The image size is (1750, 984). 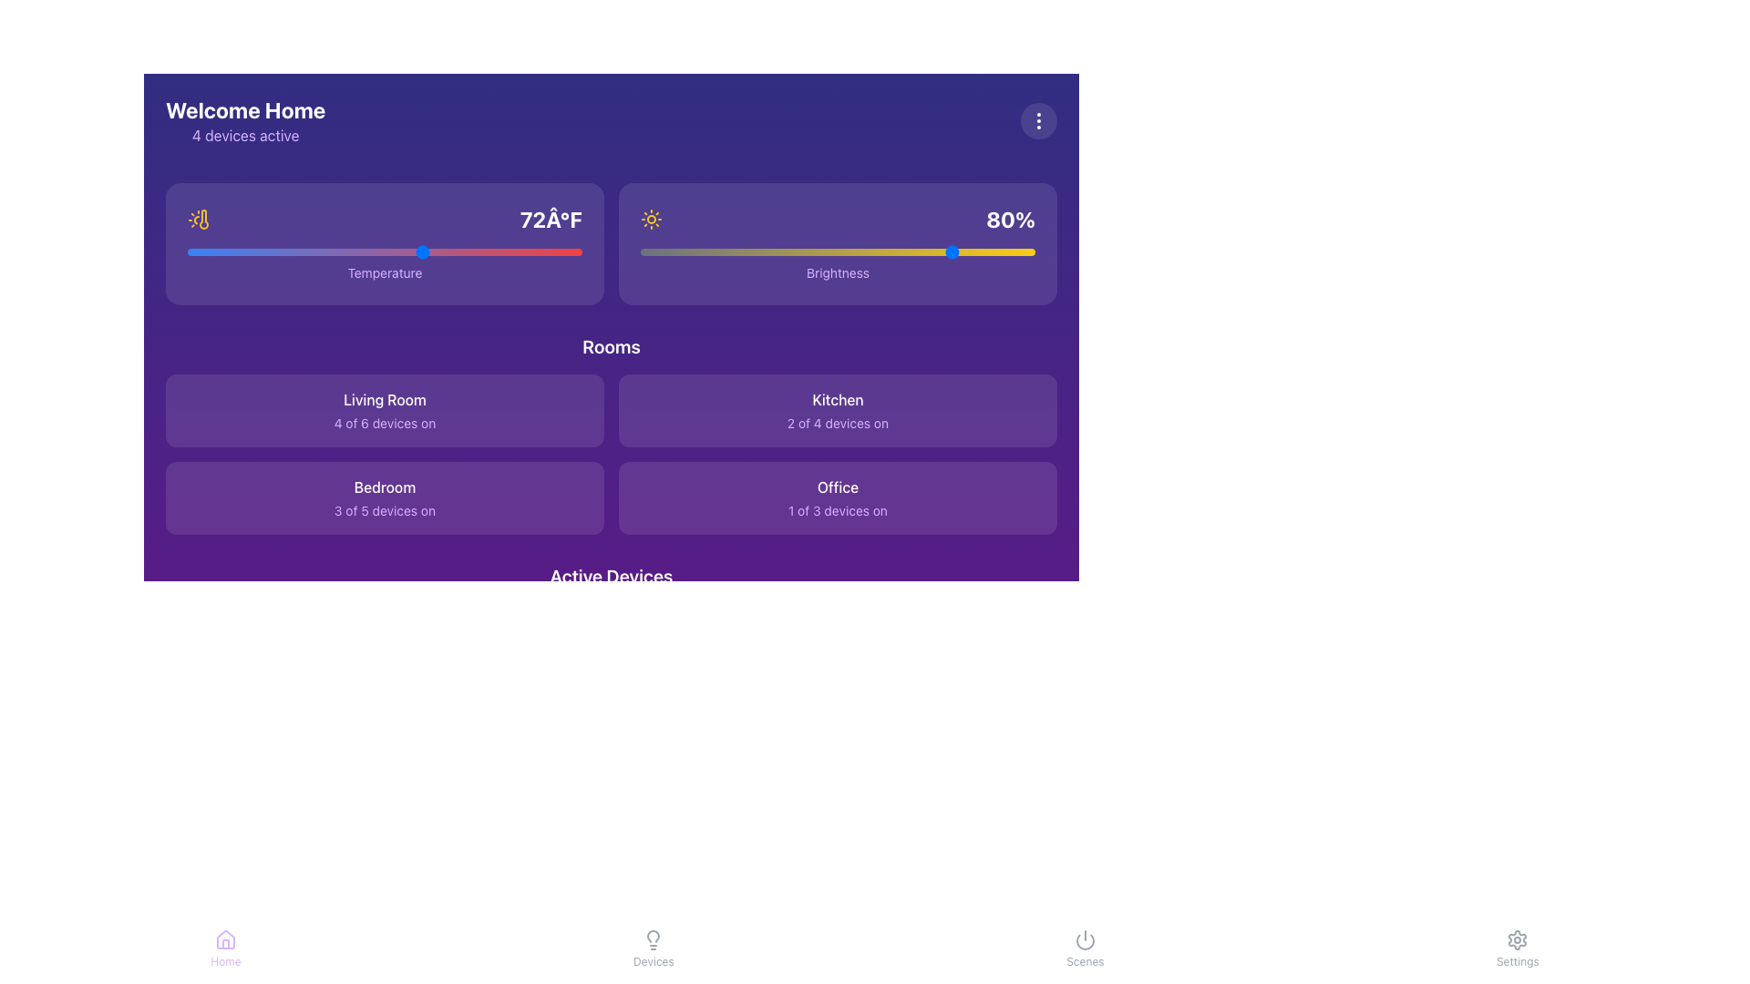 What do you see at coordinates (224, 940) in the screenshot?
I see `the 'Home' icon in the bottom navigation menu, which is represented by a house outline with a rectangular door` at bounding box center [224, 940].